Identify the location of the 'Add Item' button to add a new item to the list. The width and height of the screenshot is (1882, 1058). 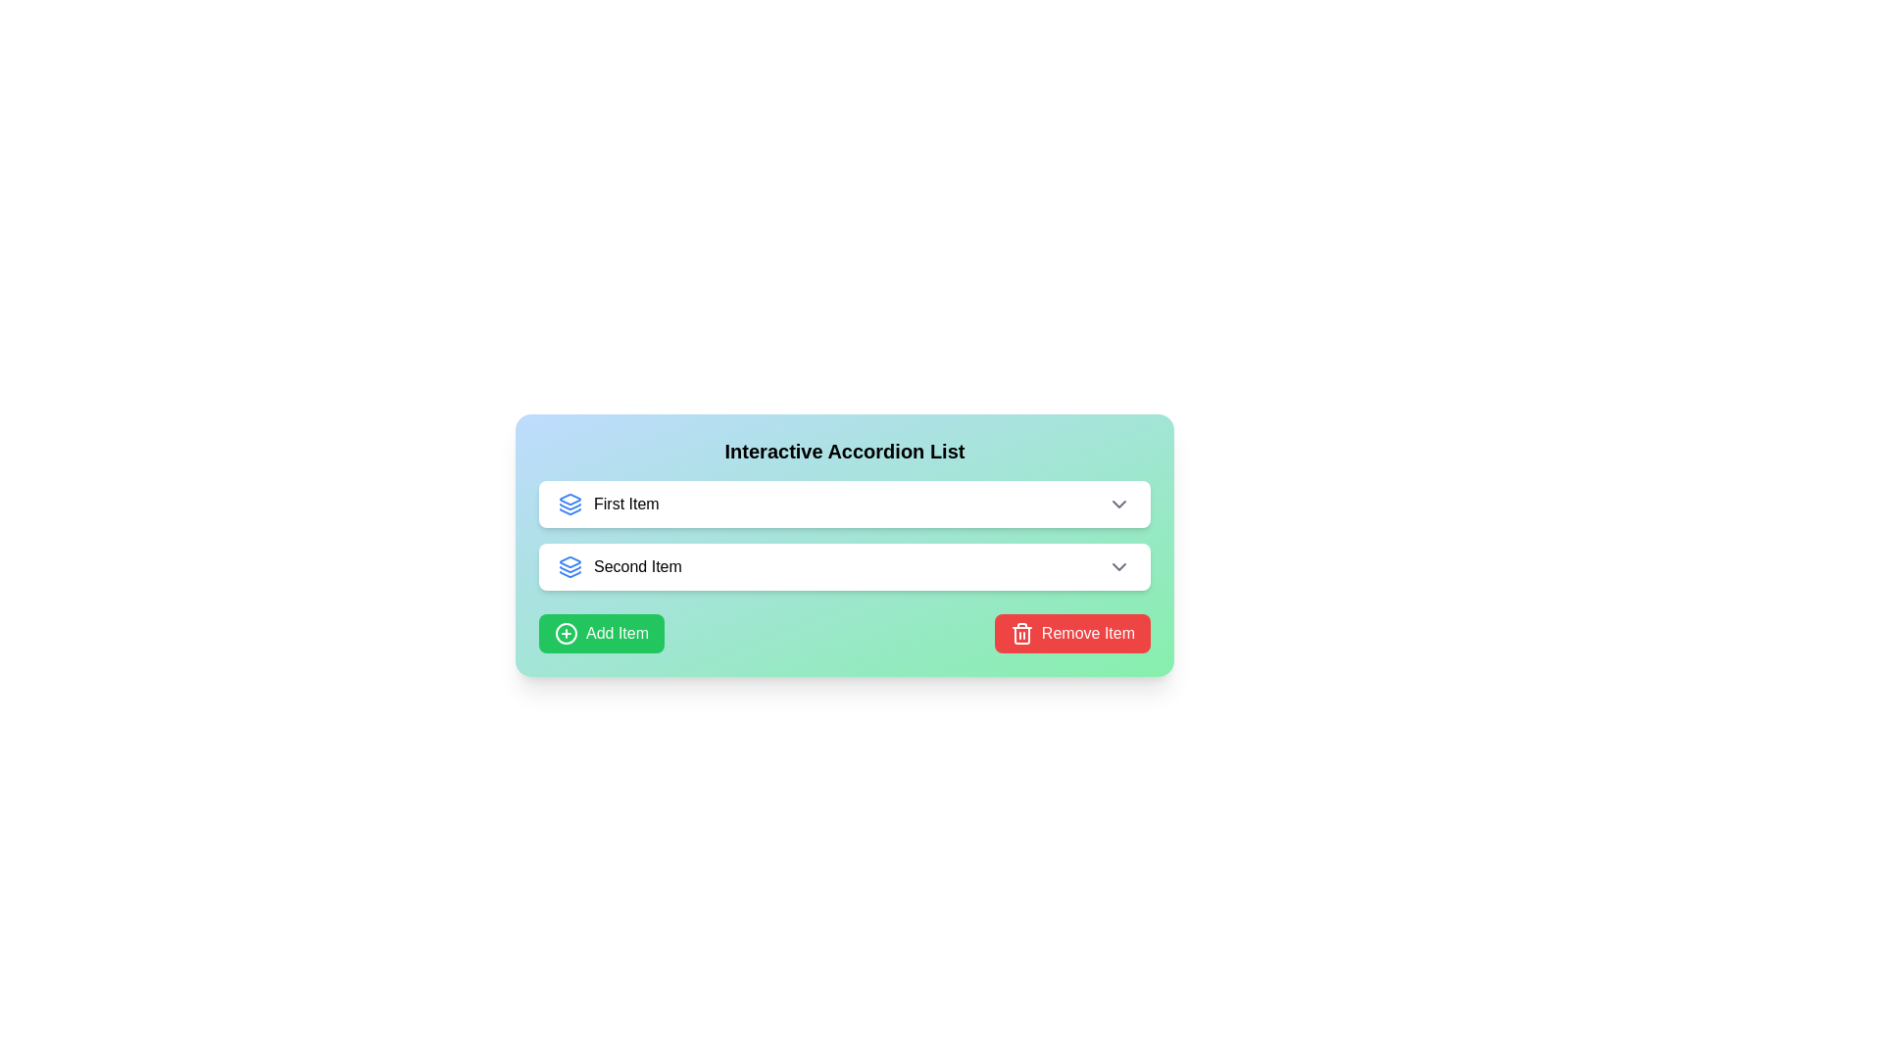
(601, 634).